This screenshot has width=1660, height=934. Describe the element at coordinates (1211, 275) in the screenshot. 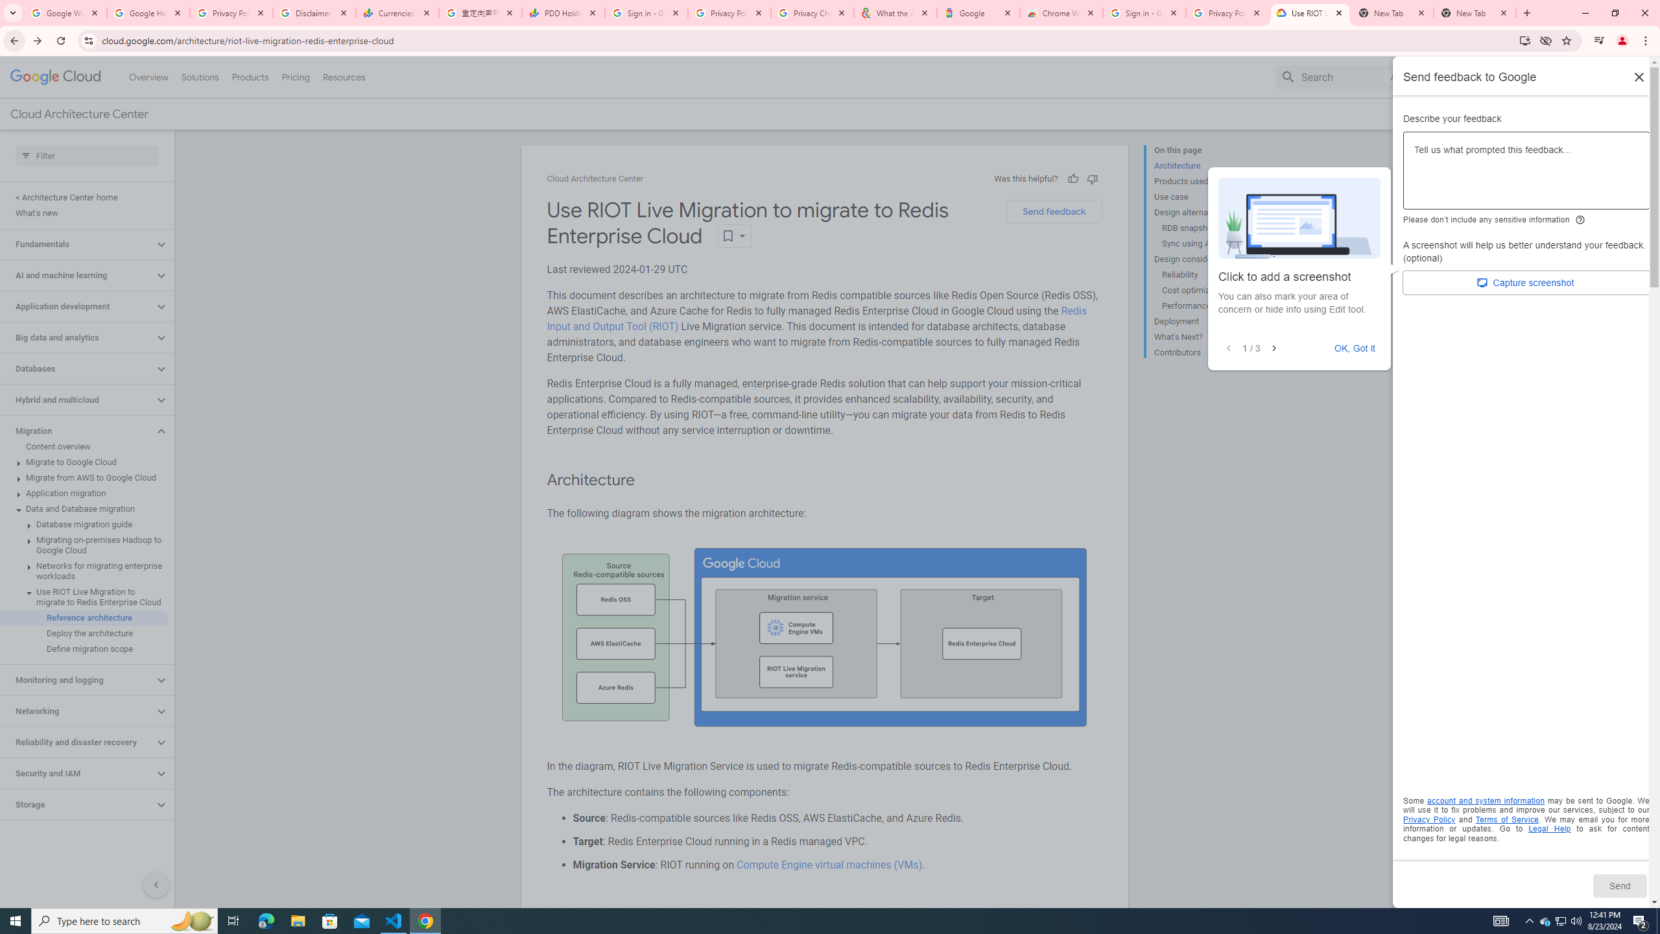

I see `'Reliability'` at that location.